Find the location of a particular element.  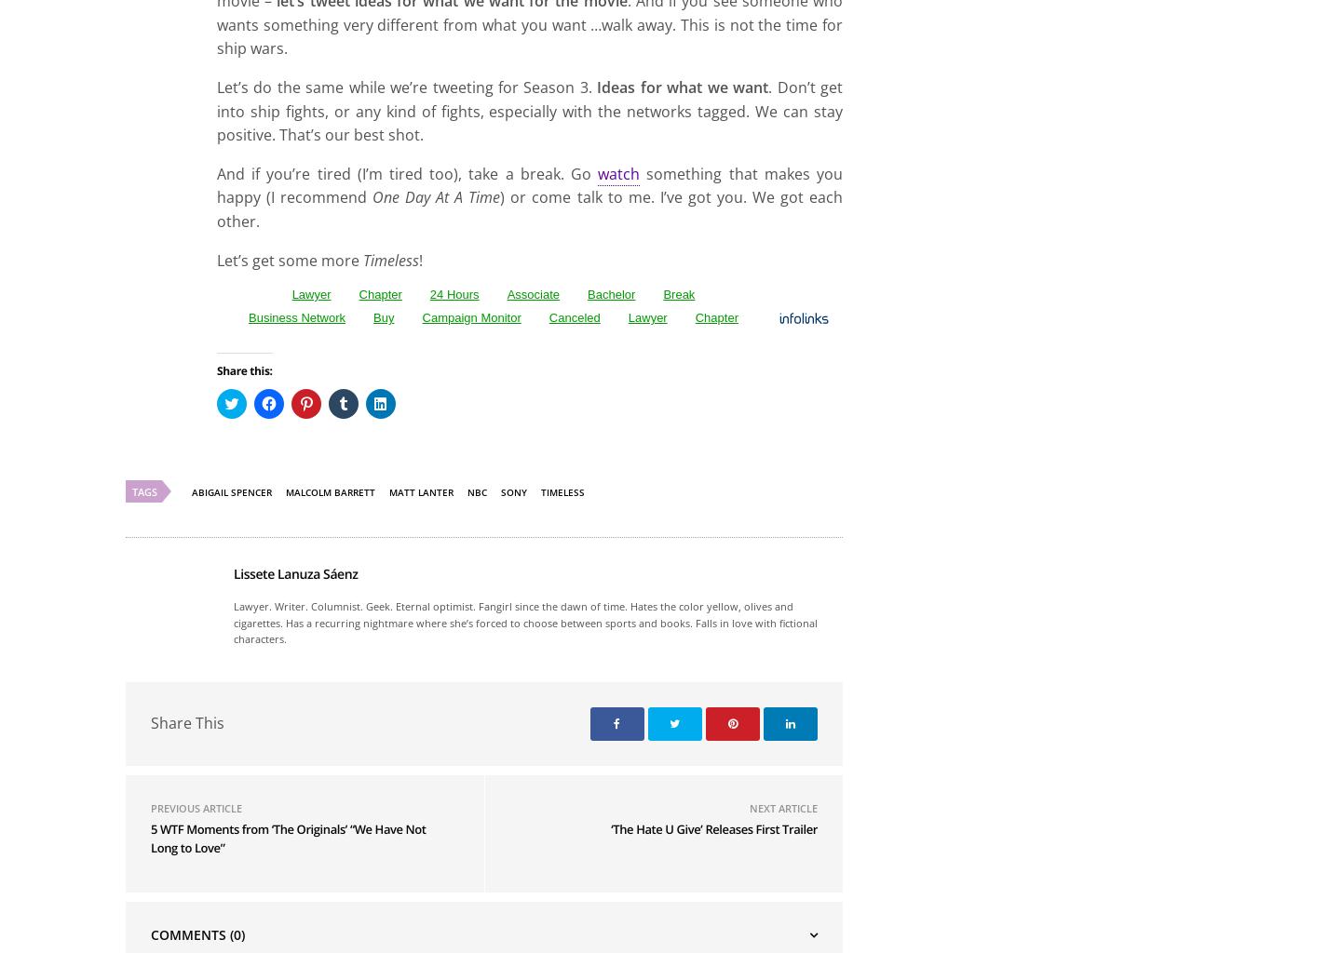

'Share This' is located at coordinates (150, 941).